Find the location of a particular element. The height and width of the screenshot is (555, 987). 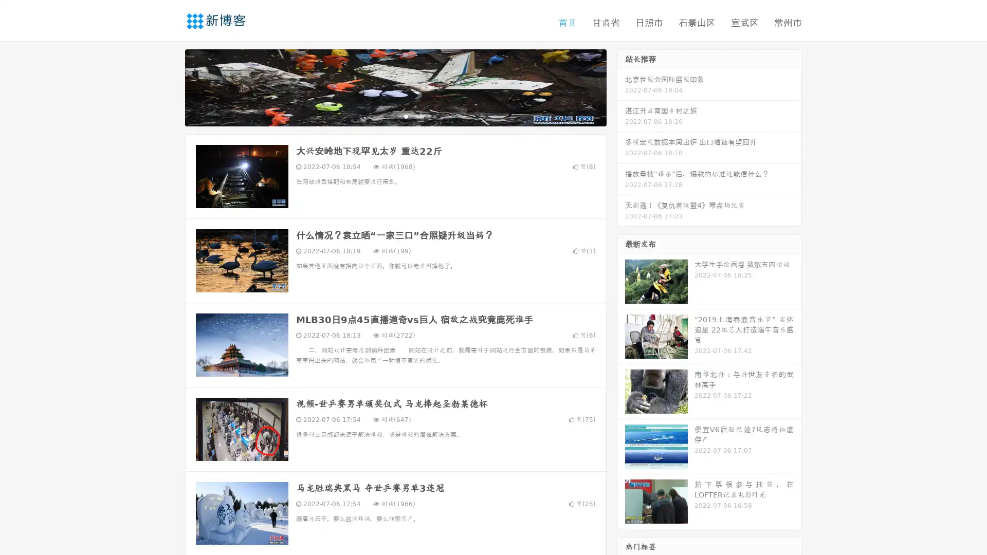

Next slide is located at coordinates (621, 86).